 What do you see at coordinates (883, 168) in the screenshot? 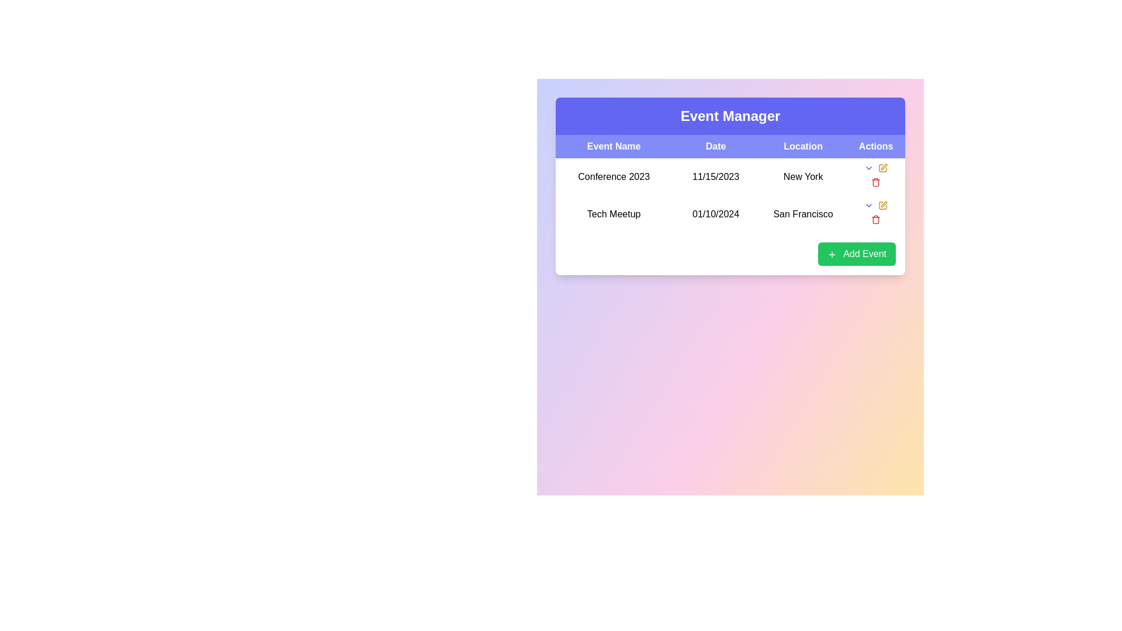
I see `the yellow pencil icon button in the 'Actions' column of the second row` at bounding box center [883, 168].